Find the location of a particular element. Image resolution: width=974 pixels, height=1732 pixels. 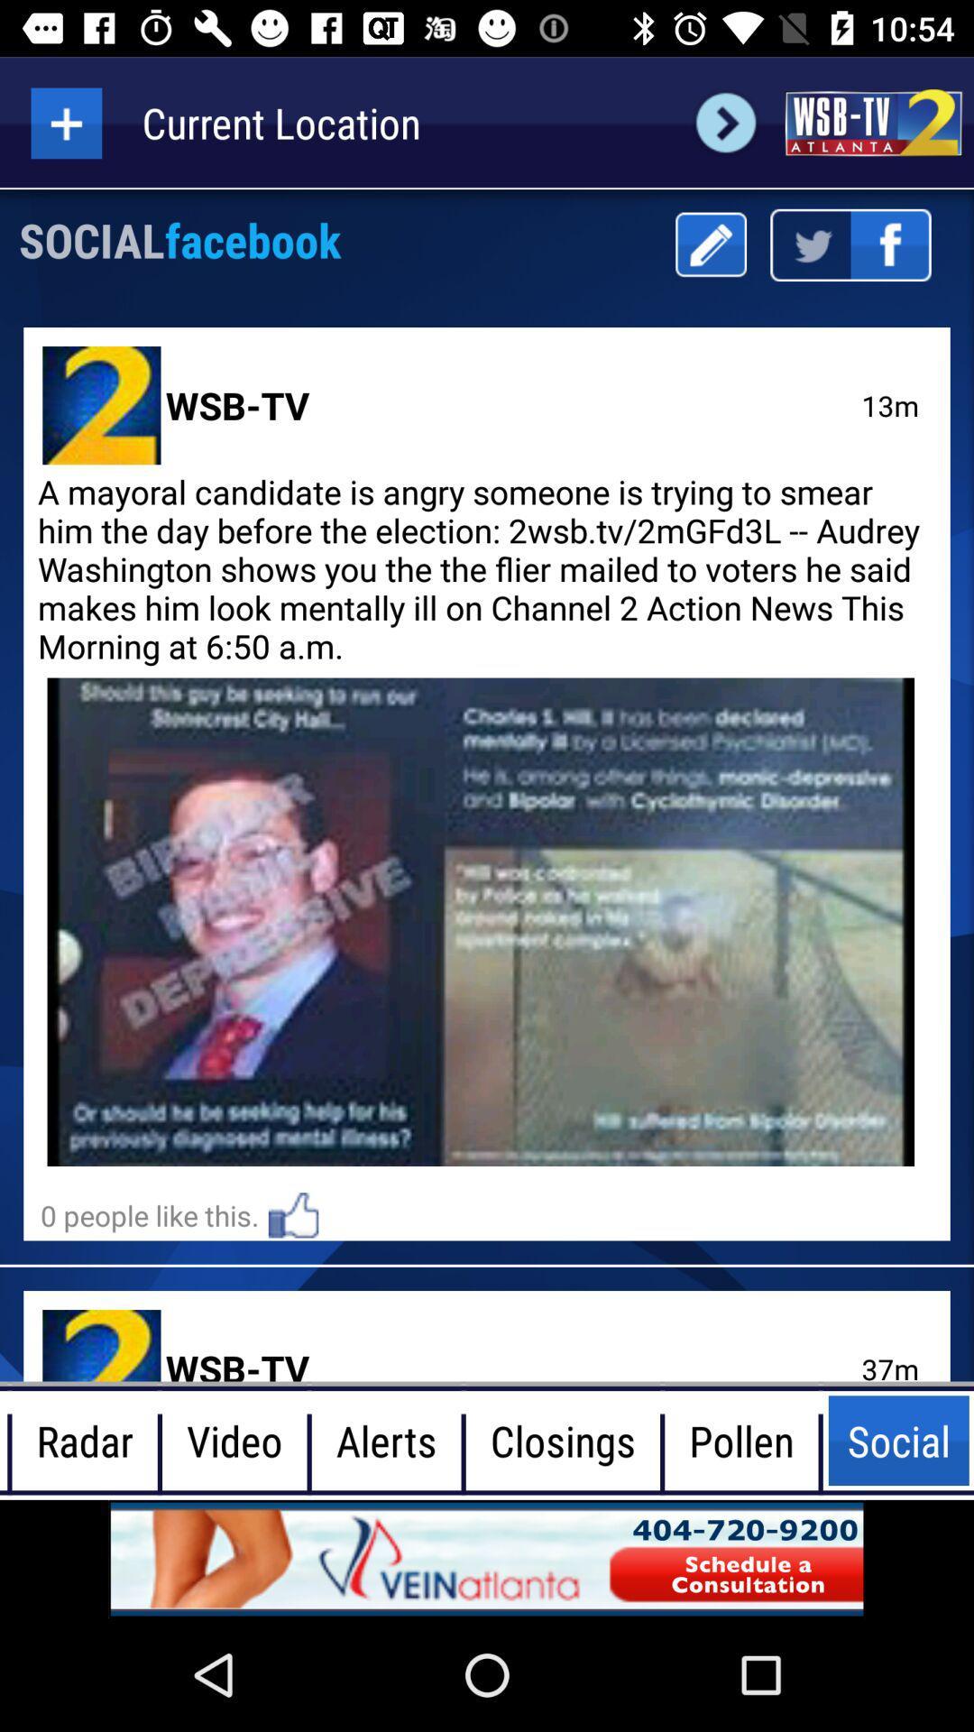

ford word is located at coordinates (725, 122).